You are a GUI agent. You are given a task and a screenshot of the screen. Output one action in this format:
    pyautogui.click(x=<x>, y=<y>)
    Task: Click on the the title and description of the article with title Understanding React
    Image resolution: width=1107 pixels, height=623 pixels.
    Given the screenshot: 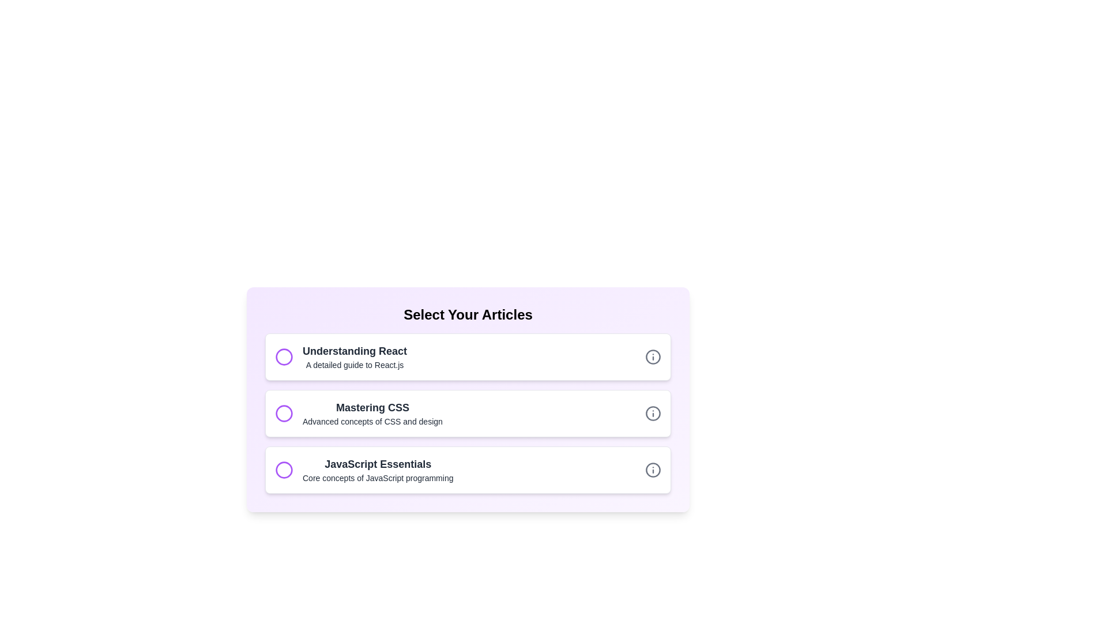 What is the action you would take?
    pyautogui.click(x=468, y=356)
    